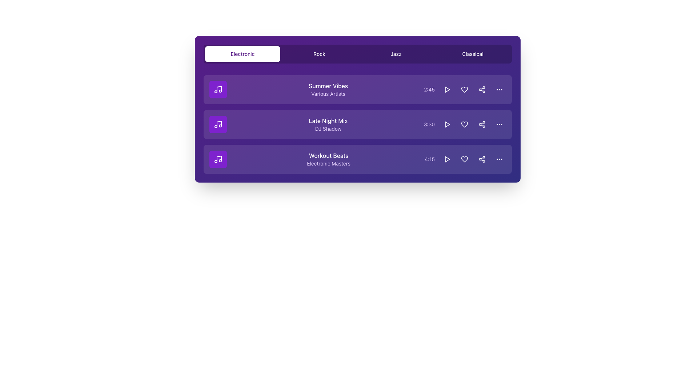 Image resolution: width=698 pixels, height=392 pixels. Describe the element at coordinates (482, 124) in the screenshot. I see `the share button located in the third row of the playlist interface, which triggers sharing actions` at that location.